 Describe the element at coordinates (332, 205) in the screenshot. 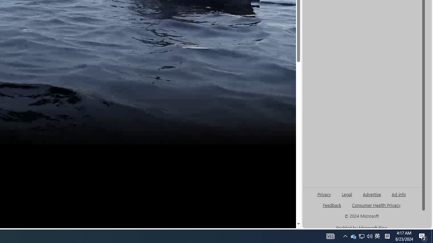

I see `'AutomationID: sb_feedback'` at that location.